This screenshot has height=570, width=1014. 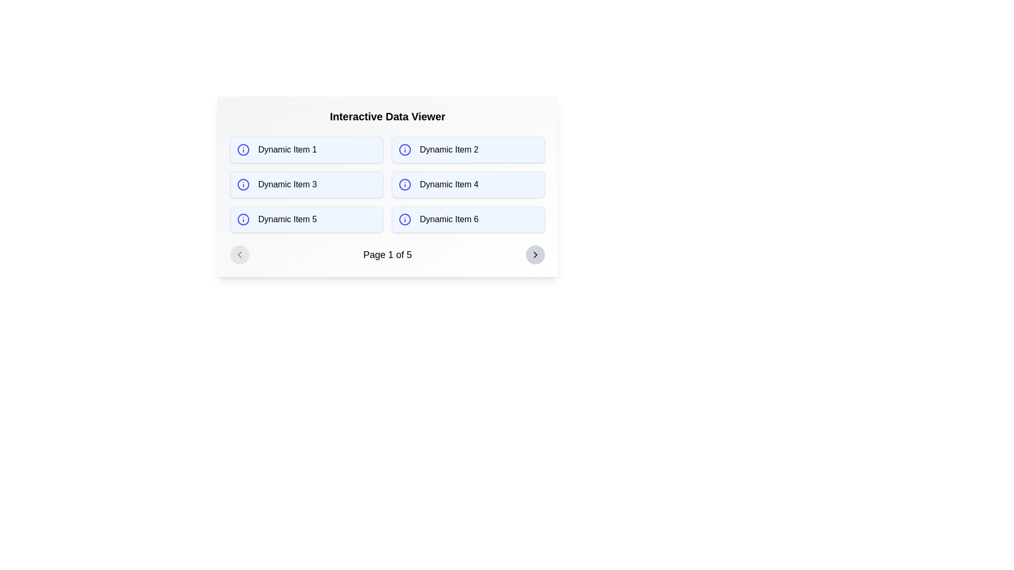 What do you see at coordinates (468, 150) in the screenshot?
I see `the Display card containing the text 'Dynamic Item 2' and an 'i' icon, located in the upper-right position of the grid layout` at bounding box center [468, 150].